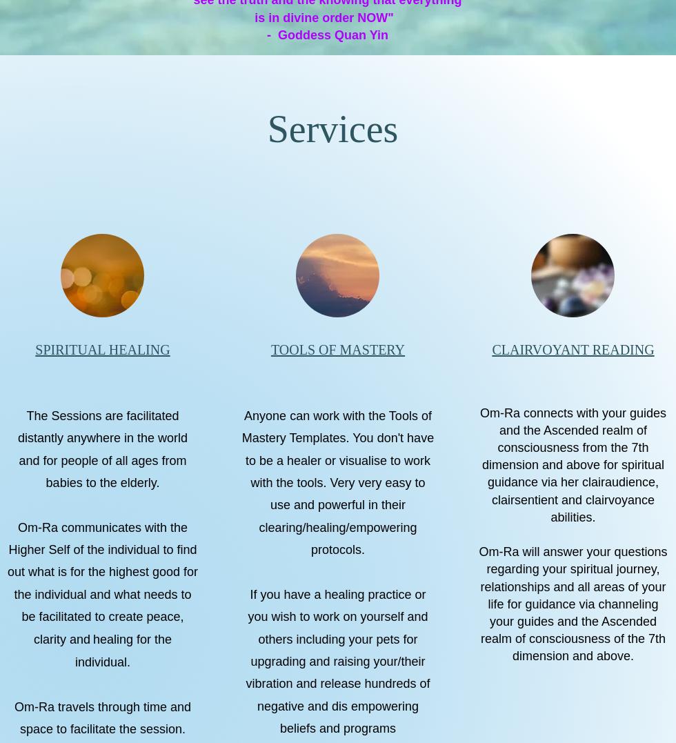  What do you see at coordinates (573, 604) in the screenshot?
I see `'Om-Ra will answer your questions regarding your spiritual journey, relationships and all areas of your life for guidance via channeling your guides and the Ascended realm of consciousness of the 7th dimension and above.'` at bounding box center [573, 604].